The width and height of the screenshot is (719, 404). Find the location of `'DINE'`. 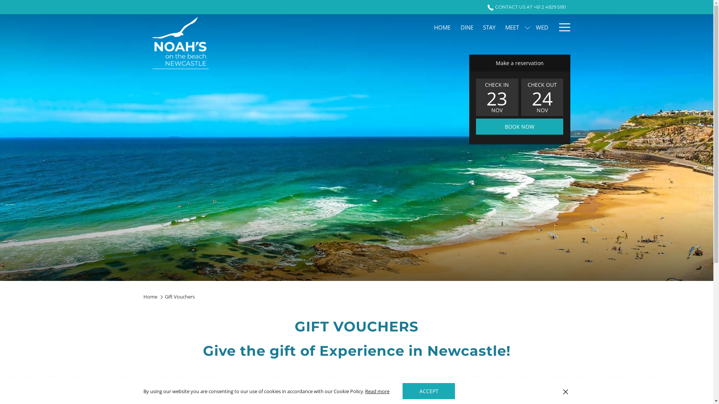

'DINE' is located at coordinates (466, 27).